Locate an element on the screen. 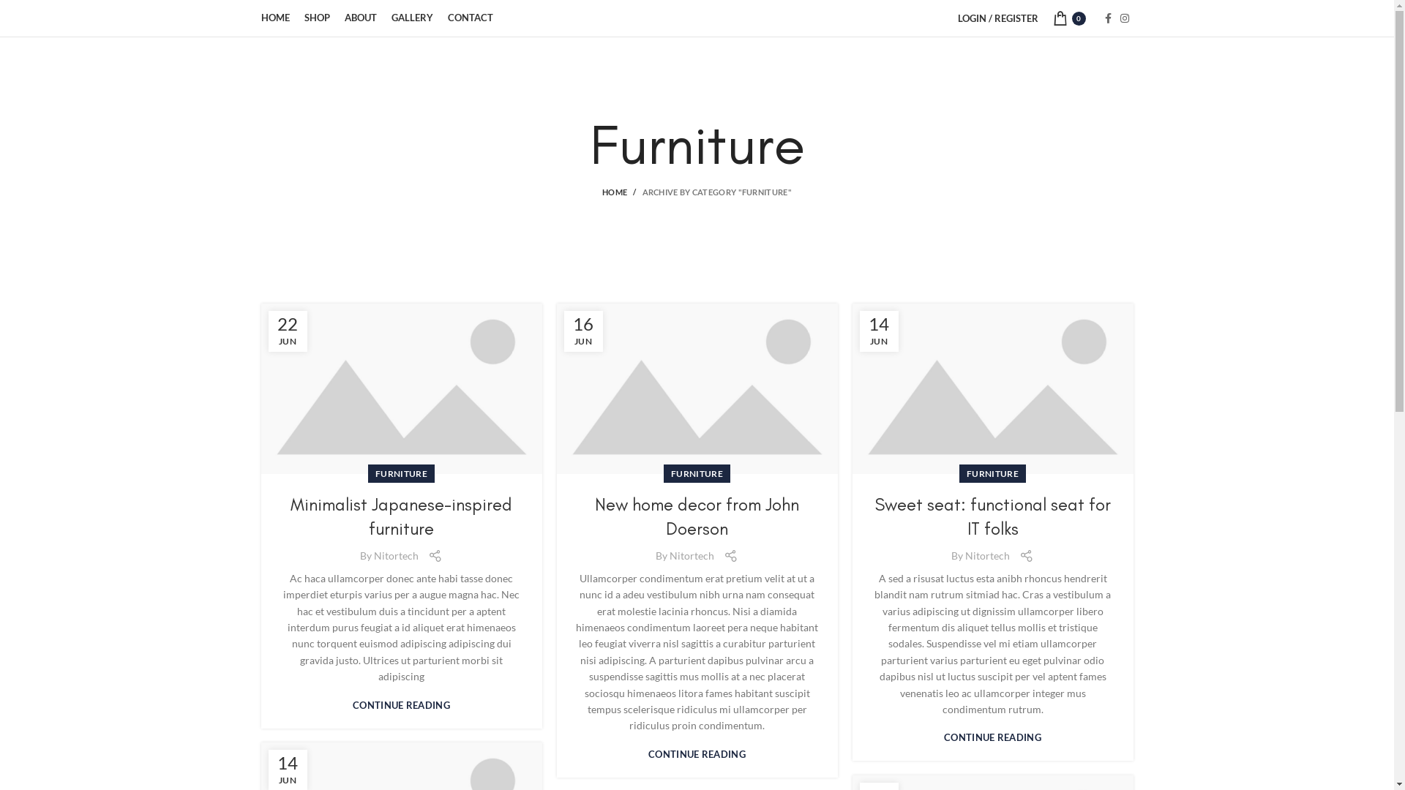 This screenshot has width=1405, height=790. '22 is located at coordinates (287, 331).